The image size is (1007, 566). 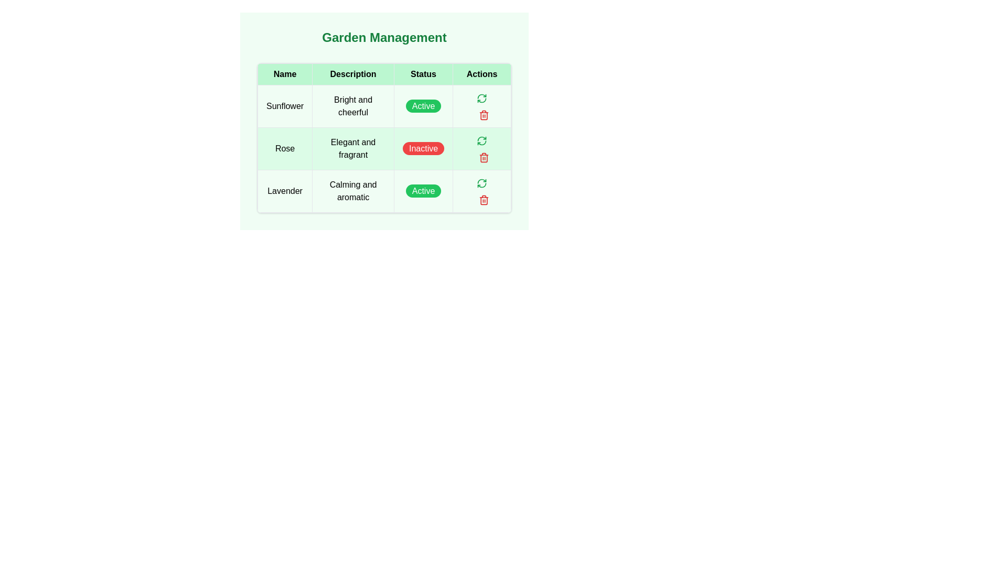 I want to click on the Icon Button in the Actions column of the second row of the table, so click(x=481, y=98).